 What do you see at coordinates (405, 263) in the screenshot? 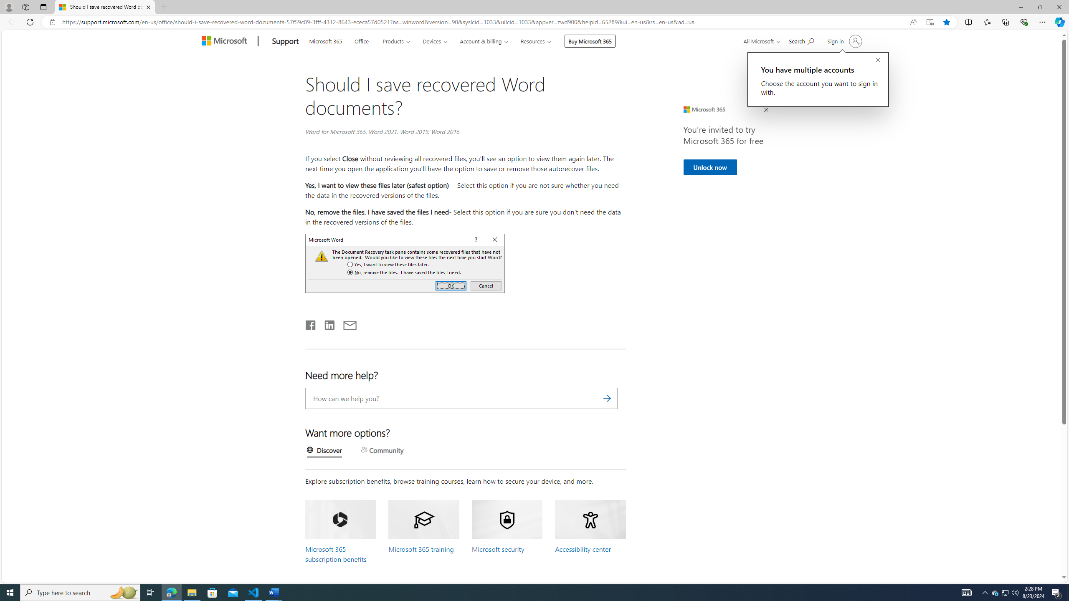
I see `'Save document recovery dialog'` at bounding box center [405, 263].